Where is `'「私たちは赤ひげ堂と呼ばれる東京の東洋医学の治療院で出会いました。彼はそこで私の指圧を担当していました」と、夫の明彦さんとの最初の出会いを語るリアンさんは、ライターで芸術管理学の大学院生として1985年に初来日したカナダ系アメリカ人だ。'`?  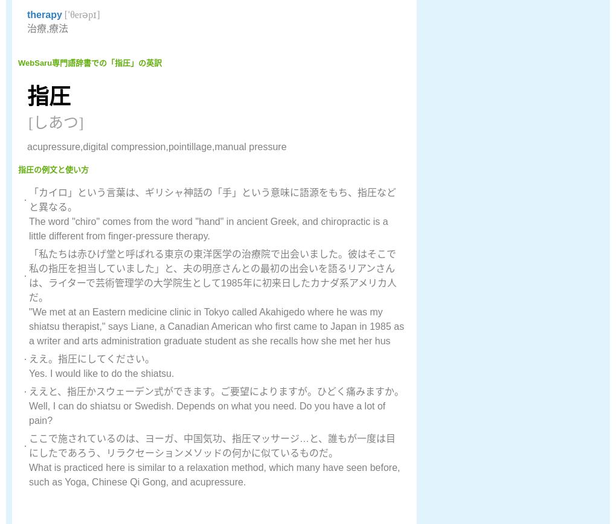
'「私たちは赤ひげ堂と呼ばれる東京の東洋医学の治療院で出会いました。彼はそこで私の指圧を担当していました」と、夫の明彦さんとの最初の出会いを語るリアンさんは、ライターで芸術管理学の大学院生として1985年に初来日したカナダ系アメリカ人だ。' is located at coordinates (212, 276).